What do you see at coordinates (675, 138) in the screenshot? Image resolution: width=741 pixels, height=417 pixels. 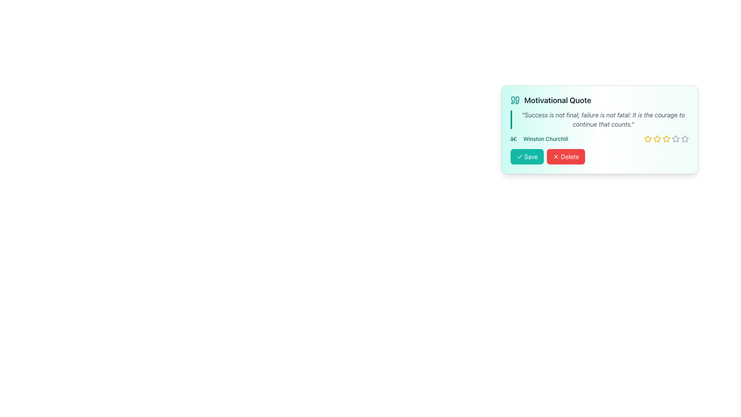 I see `the fifth star icon button` at bounding box center [675, 138].